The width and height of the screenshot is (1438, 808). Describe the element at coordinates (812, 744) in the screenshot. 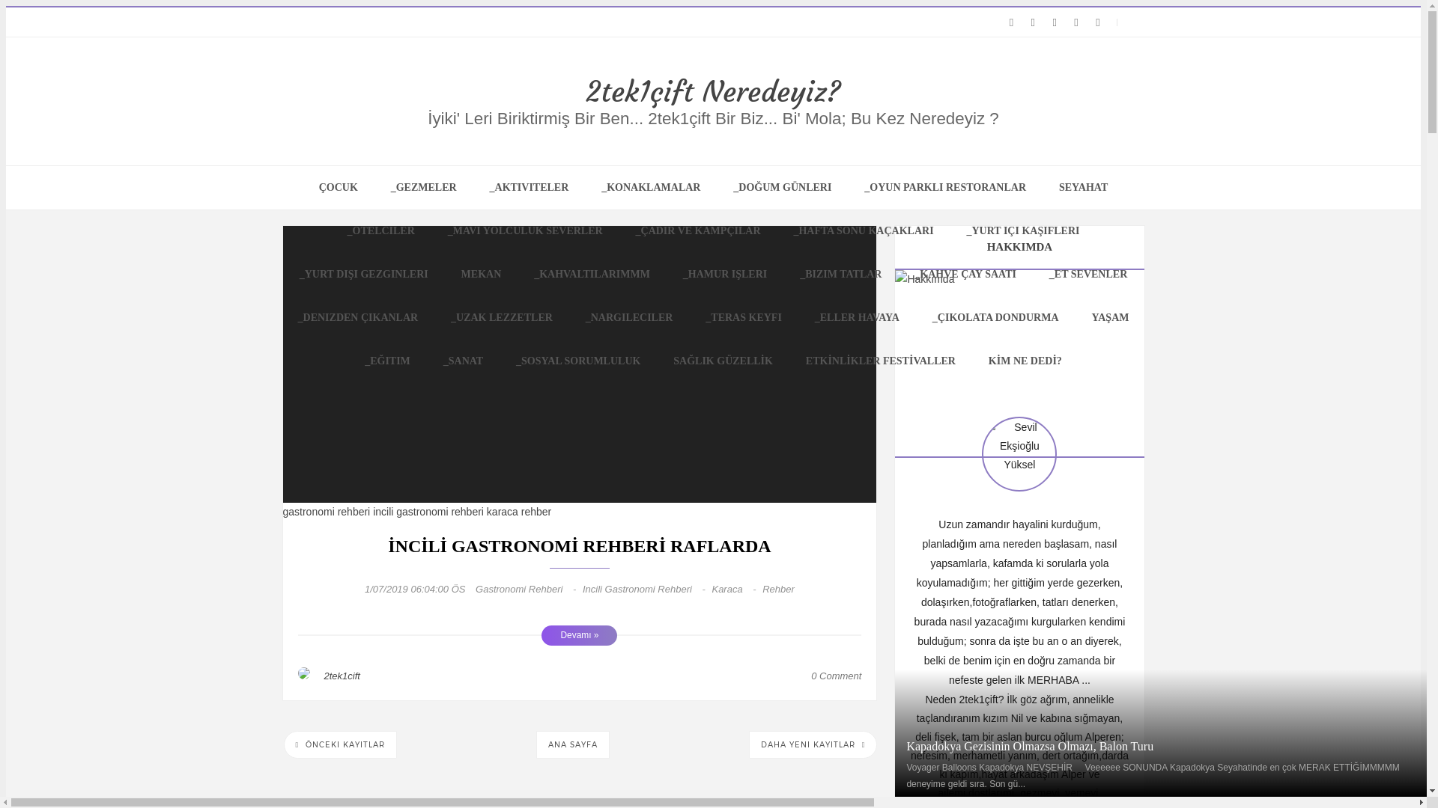

I see `'DAHA YENI KAYITLAR'` at that location.